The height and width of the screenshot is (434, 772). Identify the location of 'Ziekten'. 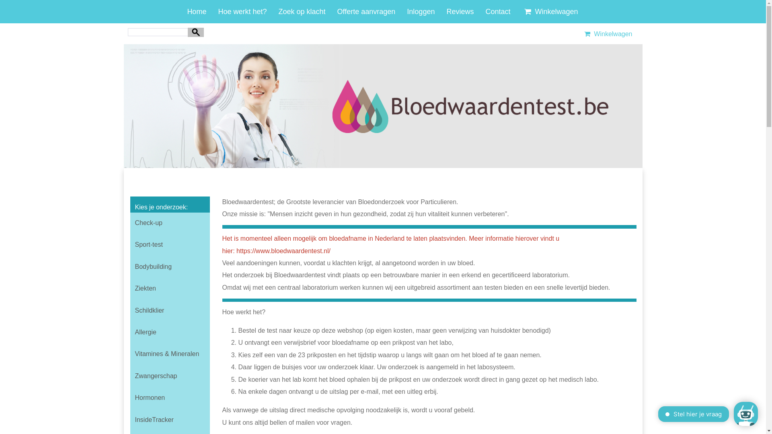
(130, 288).